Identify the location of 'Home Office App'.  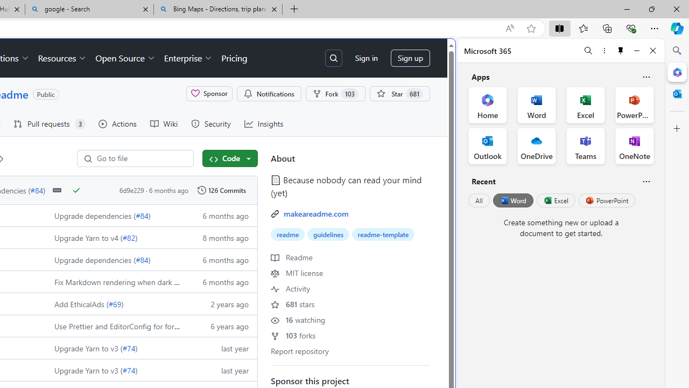
(487, 105).